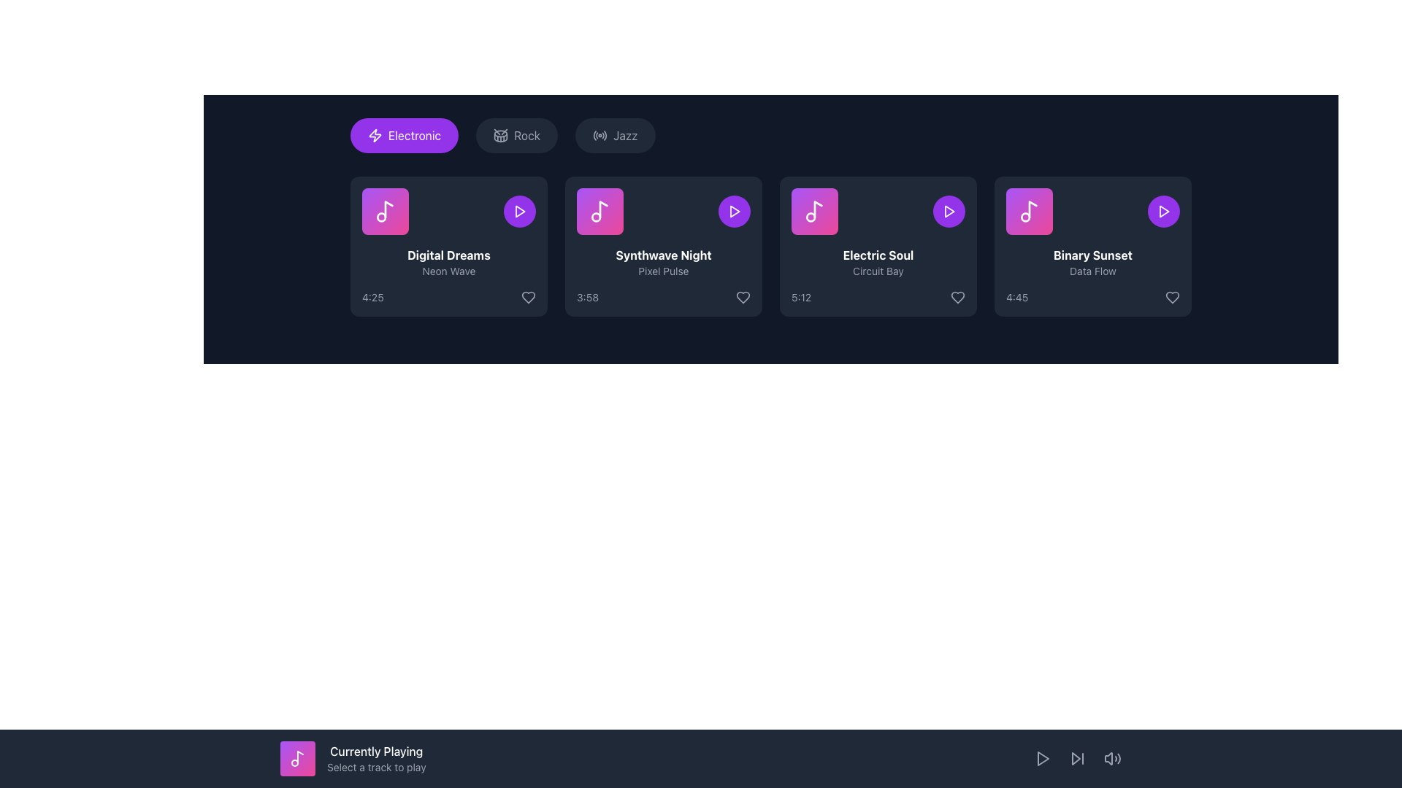 The width and height of the screenshot is (1402, 788). What do you see at coordinates (528, 297) in the screenshot?
I see `the heart-shaped icon button located at the bottom-right section of the 'Digital Dreams' card` at bounding box center [528, 297].